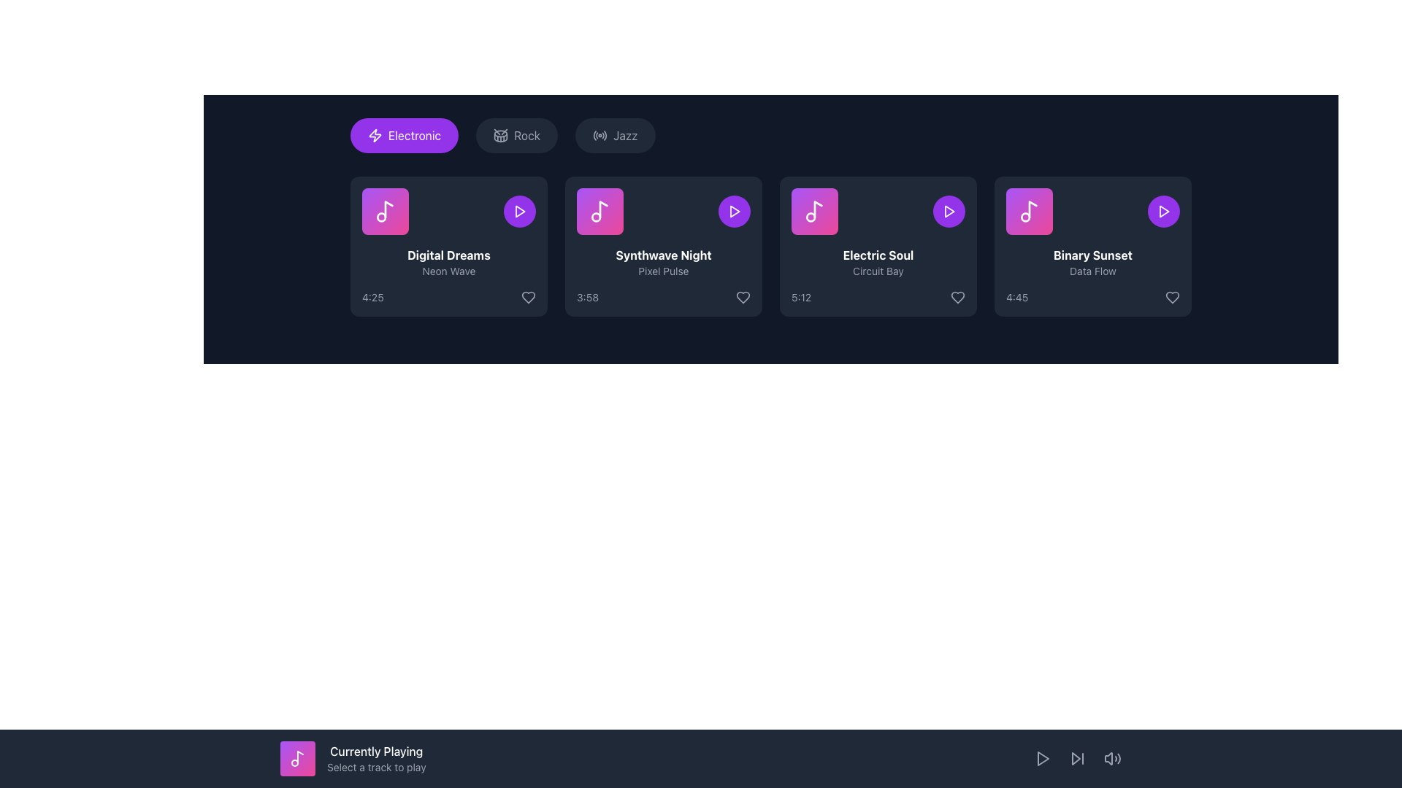 The width and height of the screenshot is (1402, 788). What do you see at coordinates (528, 297) in the screenshot?
I see `the heart-shaped icon button located at the bottom-right section of the 'Digital Dreams' card` at bounding box center [528, 297].